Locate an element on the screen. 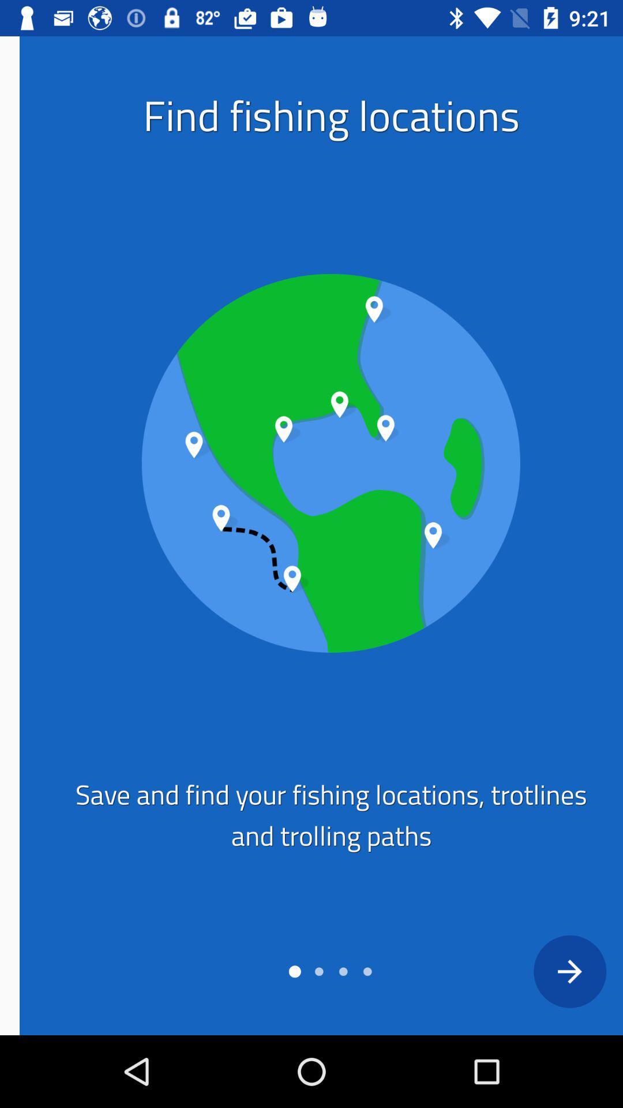 Image resolution: width=623 pixels, height=1108 pixels. earth logo is located at coordinates (310, 463).